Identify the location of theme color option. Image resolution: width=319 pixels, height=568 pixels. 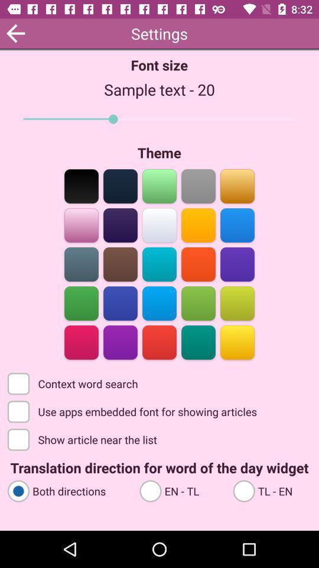
(81, 224).